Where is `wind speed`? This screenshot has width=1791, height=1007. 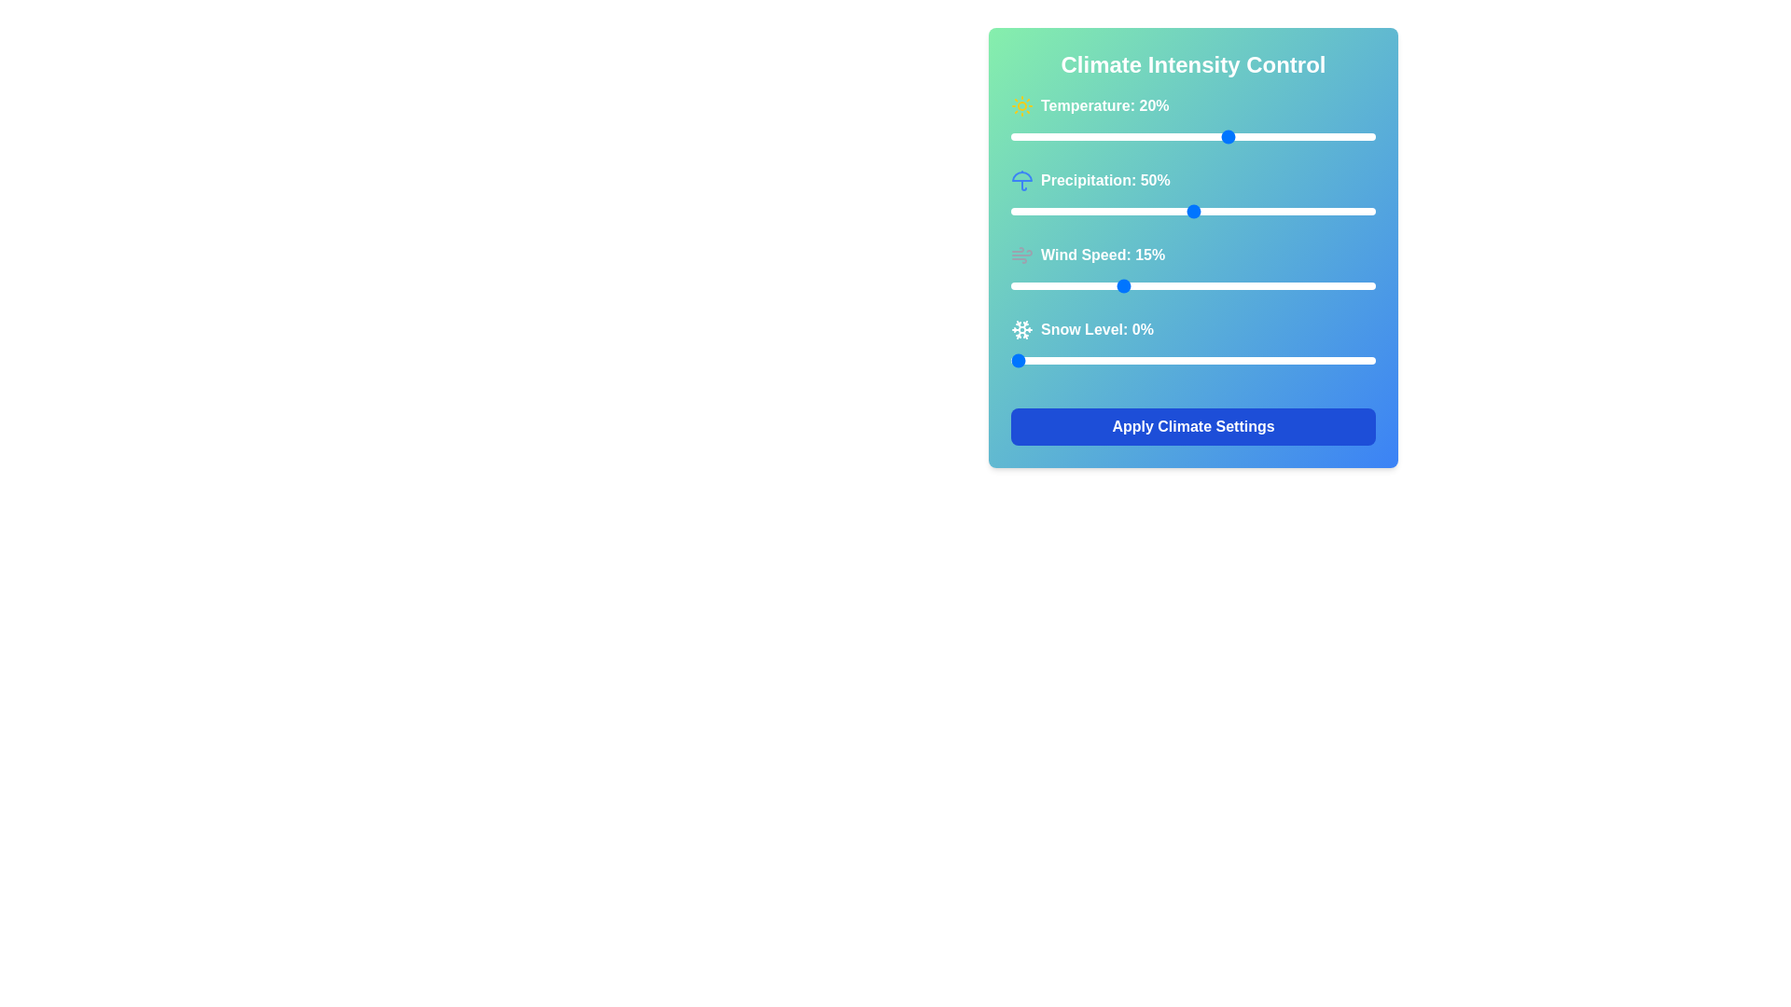 wind speed is located at coordinates (1148, 286).